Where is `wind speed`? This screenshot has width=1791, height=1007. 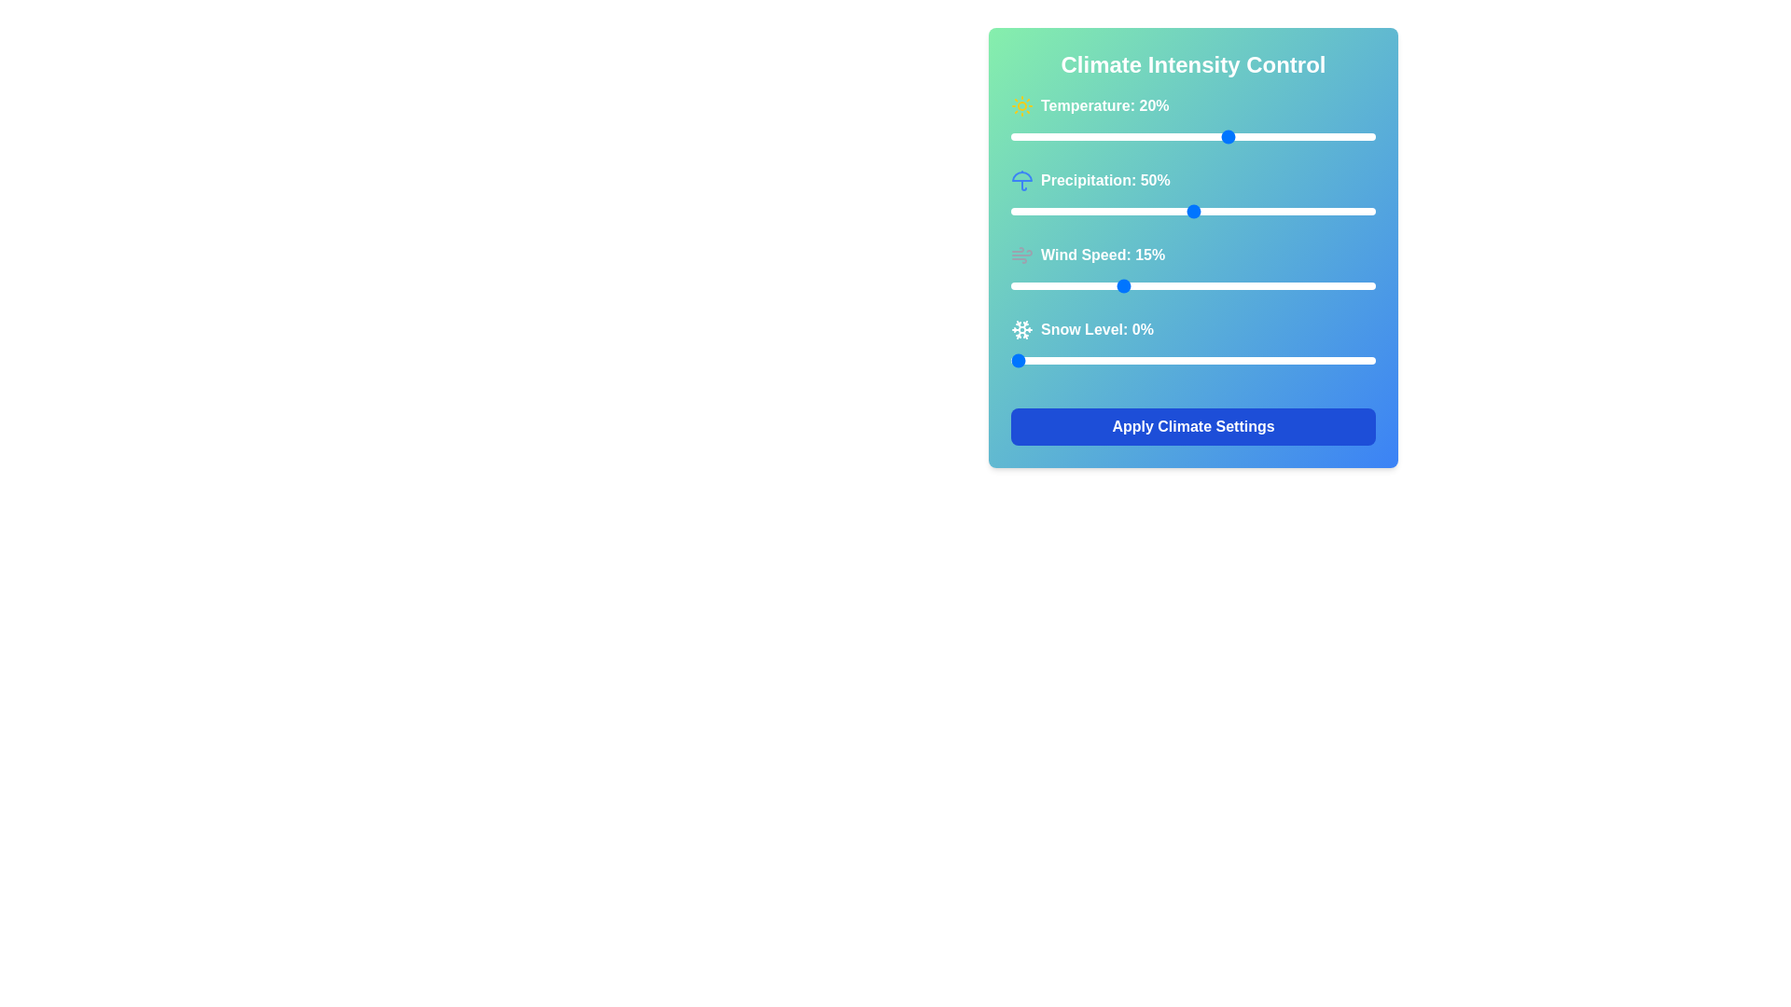 wind speed is located at coordinates (1148, 286).